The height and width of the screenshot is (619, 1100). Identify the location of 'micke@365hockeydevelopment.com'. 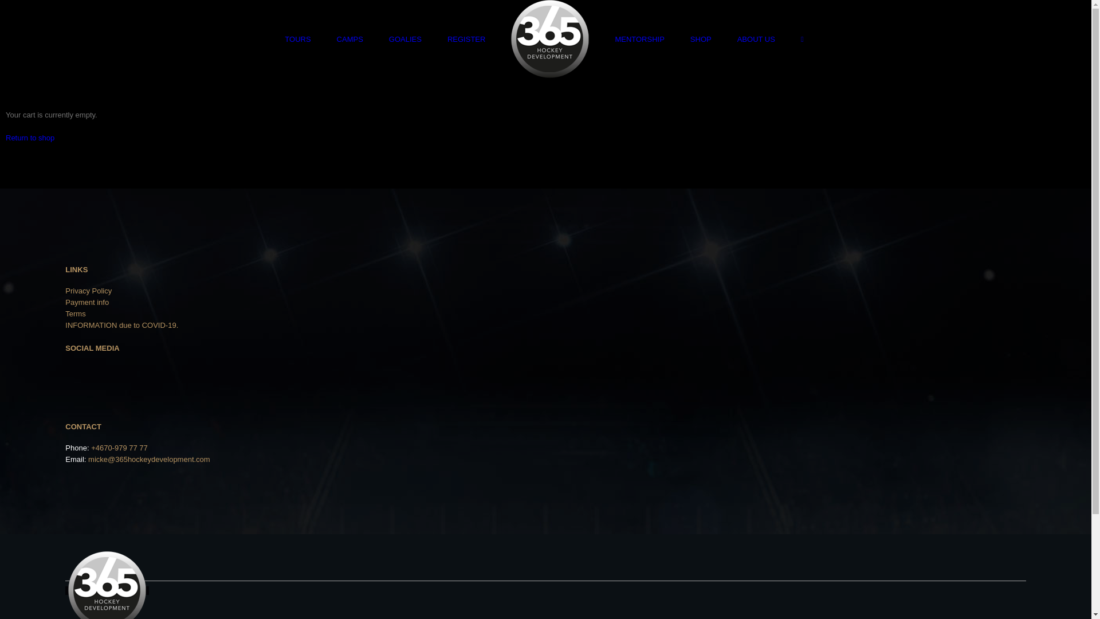
(148, 459).